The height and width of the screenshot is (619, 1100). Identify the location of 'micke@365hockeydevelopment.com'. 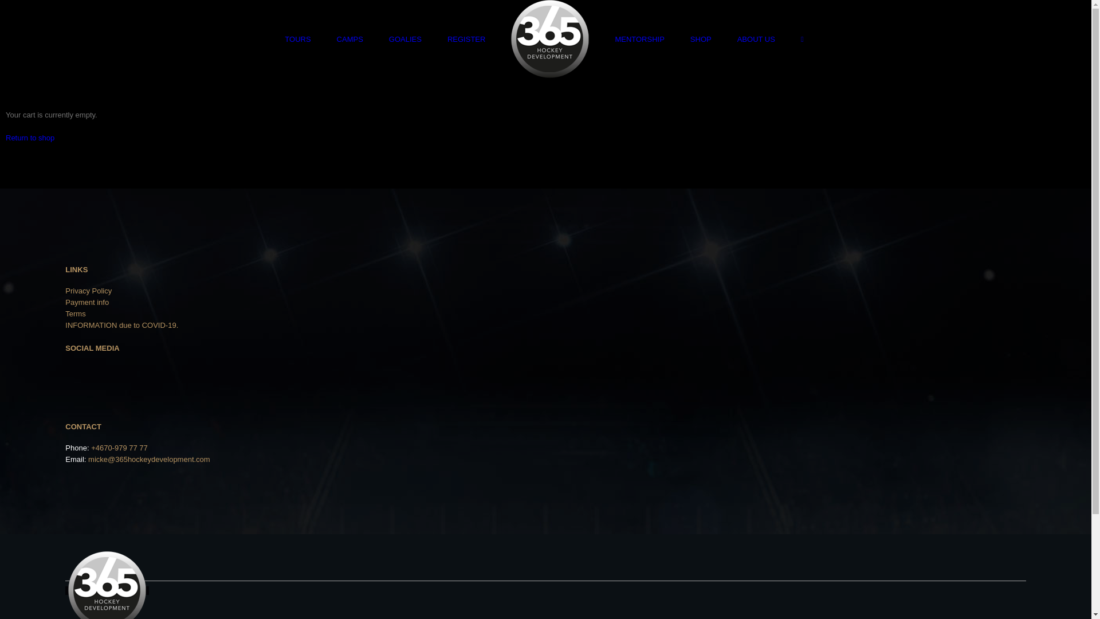
(148, 459).